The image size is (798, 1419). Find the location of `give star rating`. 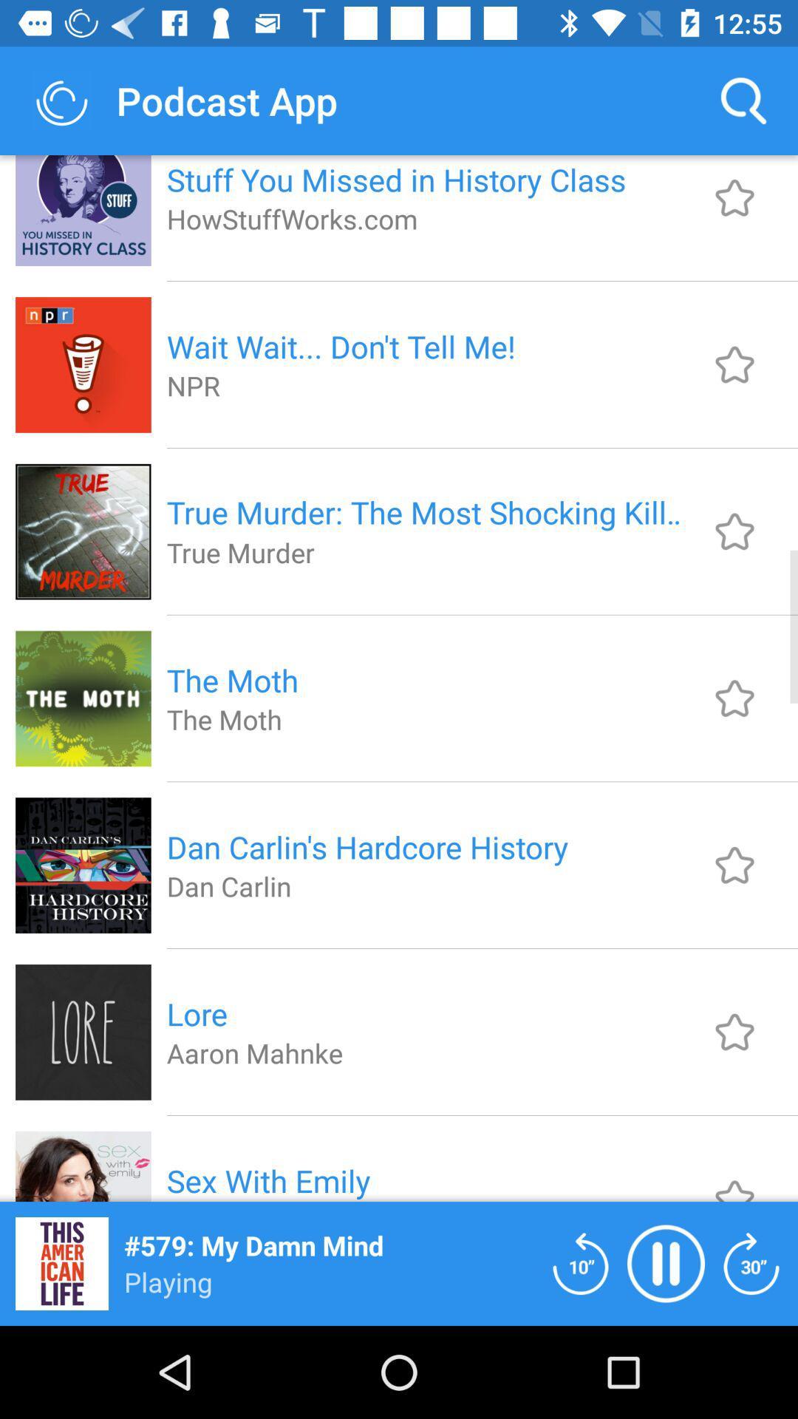

give star rating is located at coordinates (734, 364).